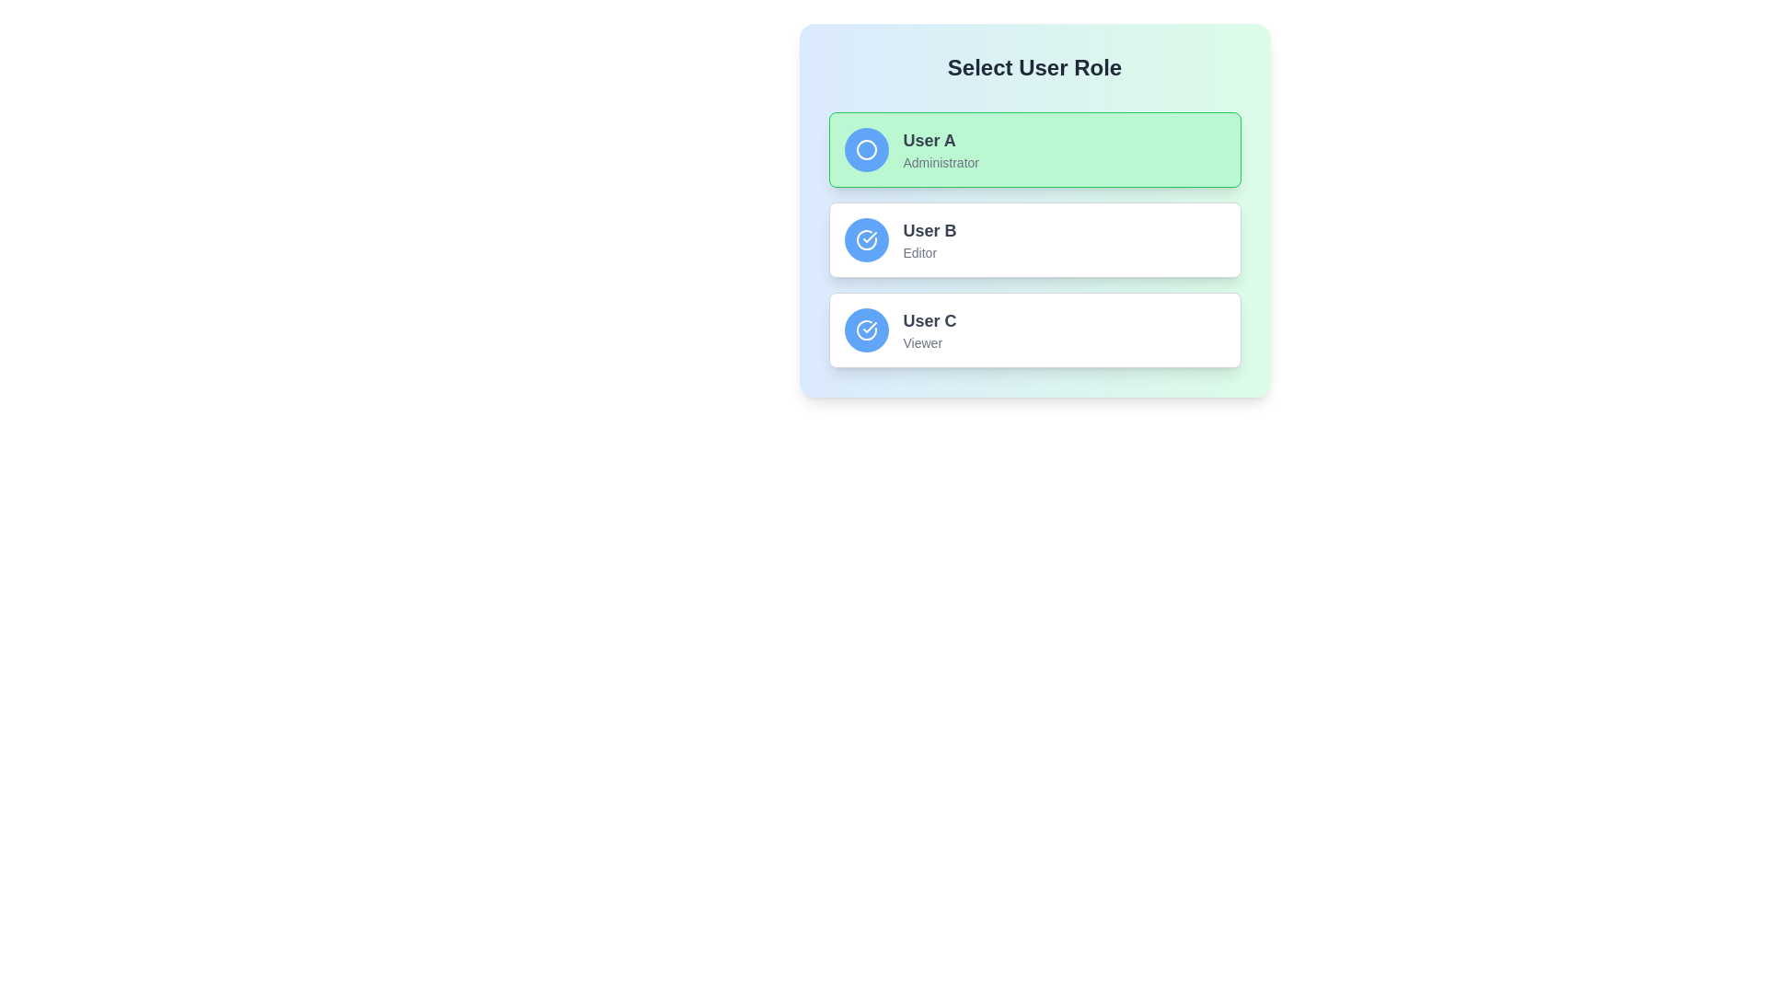 The image size is (1767, 994). I want to click on text displayed in the Text Display element that shows 'User B' as an 'Editor', located within the user role card, so click(930, 239).